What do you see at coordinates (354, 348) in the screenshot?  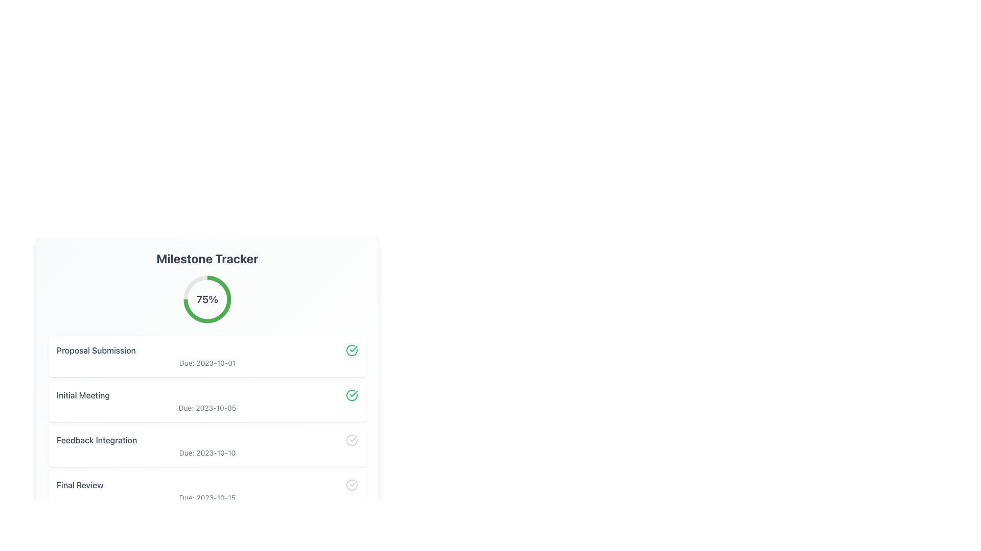 I see `the green checkmark icon associated with the 'Initial Meeting' milestone in the task list` at bounding box center [354, 348].